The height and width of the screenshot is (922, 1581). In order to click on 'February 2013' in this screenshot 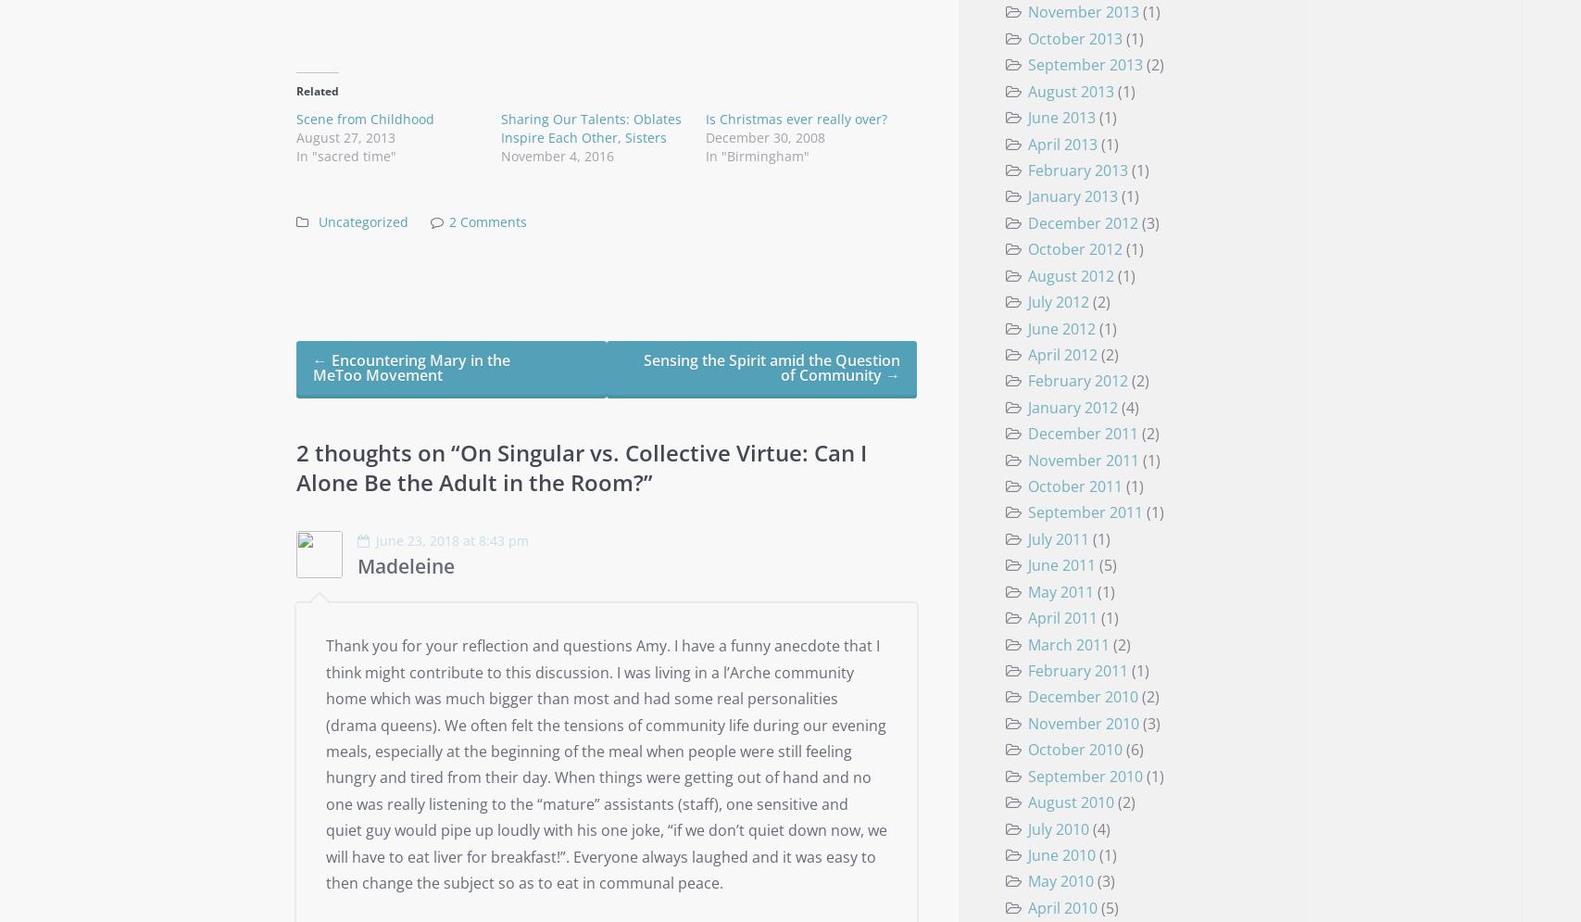, I will do `click(1026, 170)`.